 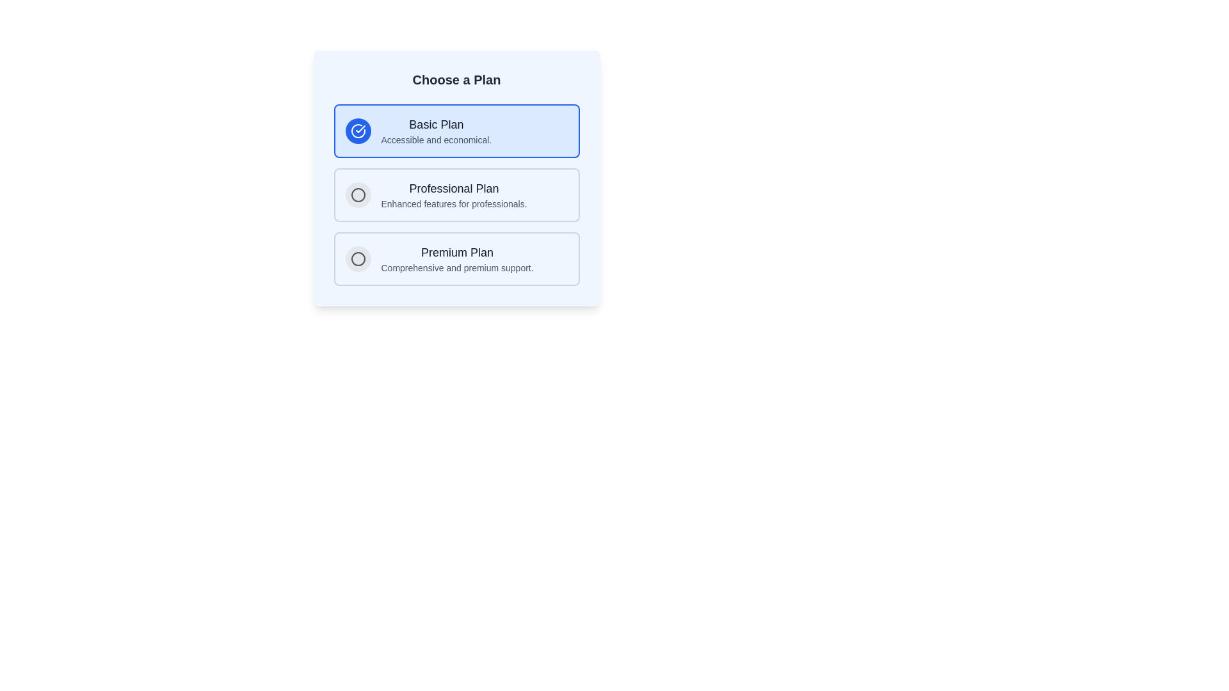 I want to click on the 'Professional Plan' selectable card, so click(x=456, y=195).